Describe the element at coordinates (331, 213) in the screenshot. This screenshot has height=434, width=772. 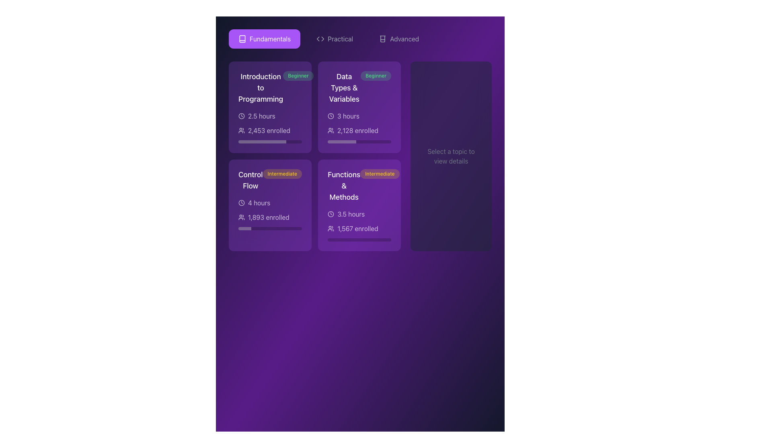
I see `the circular element representing the face of the clock icon, which is centrally located within the clock graphic on the fourth card in the second row` at that location.